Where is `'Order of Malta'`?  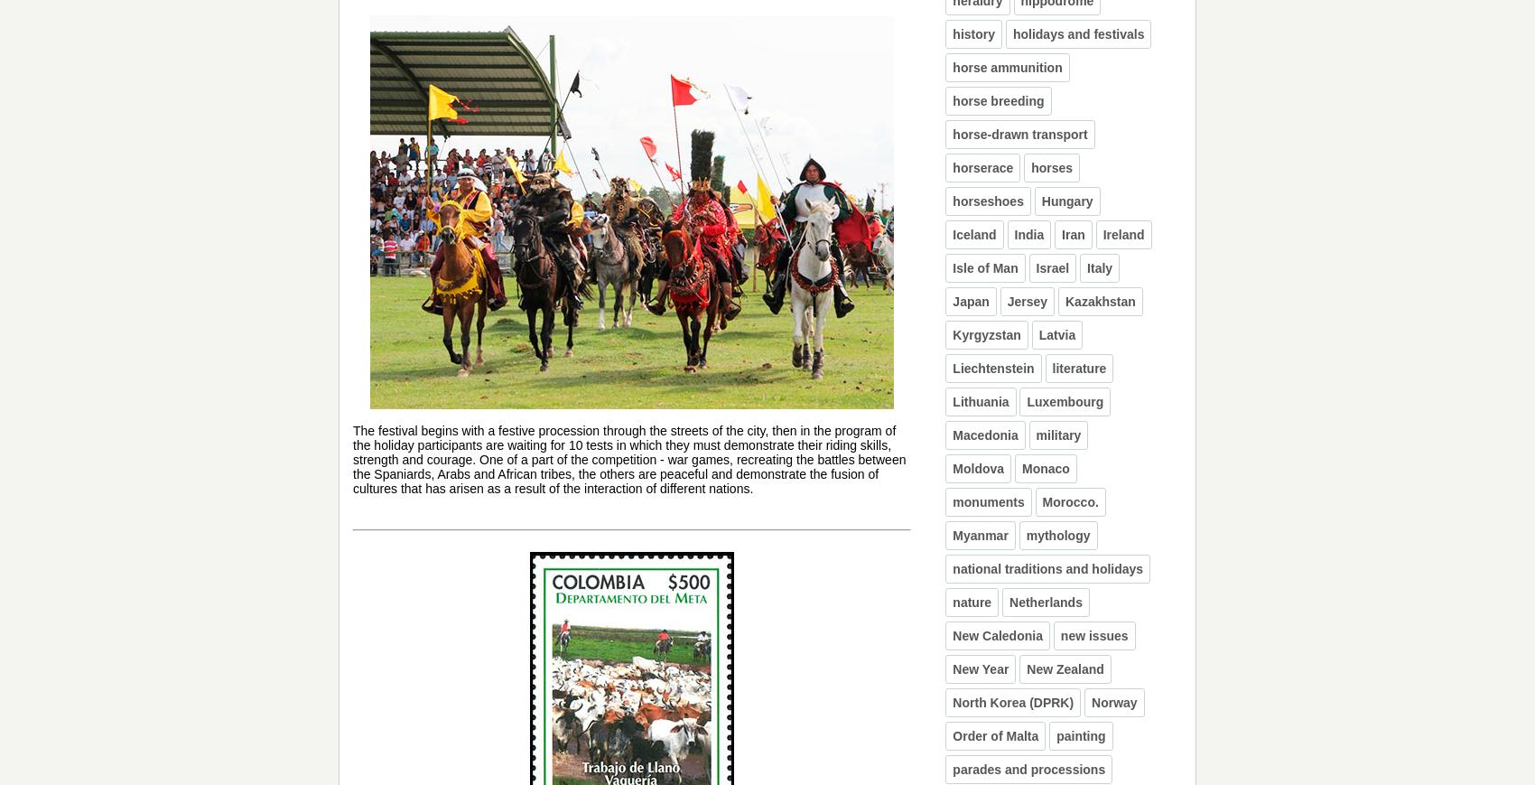 'Order of Malta' is located at coordinates (995, 736).